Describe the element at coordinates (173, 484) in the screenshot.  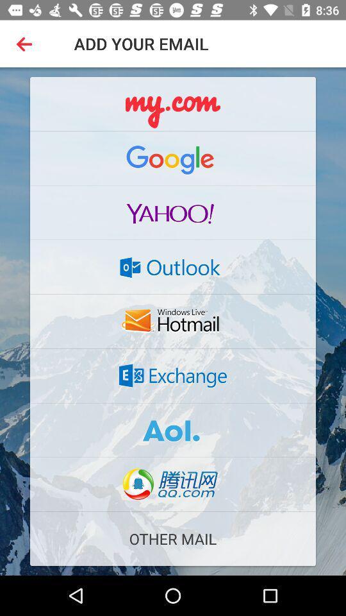
I see `qq email address` at that location.